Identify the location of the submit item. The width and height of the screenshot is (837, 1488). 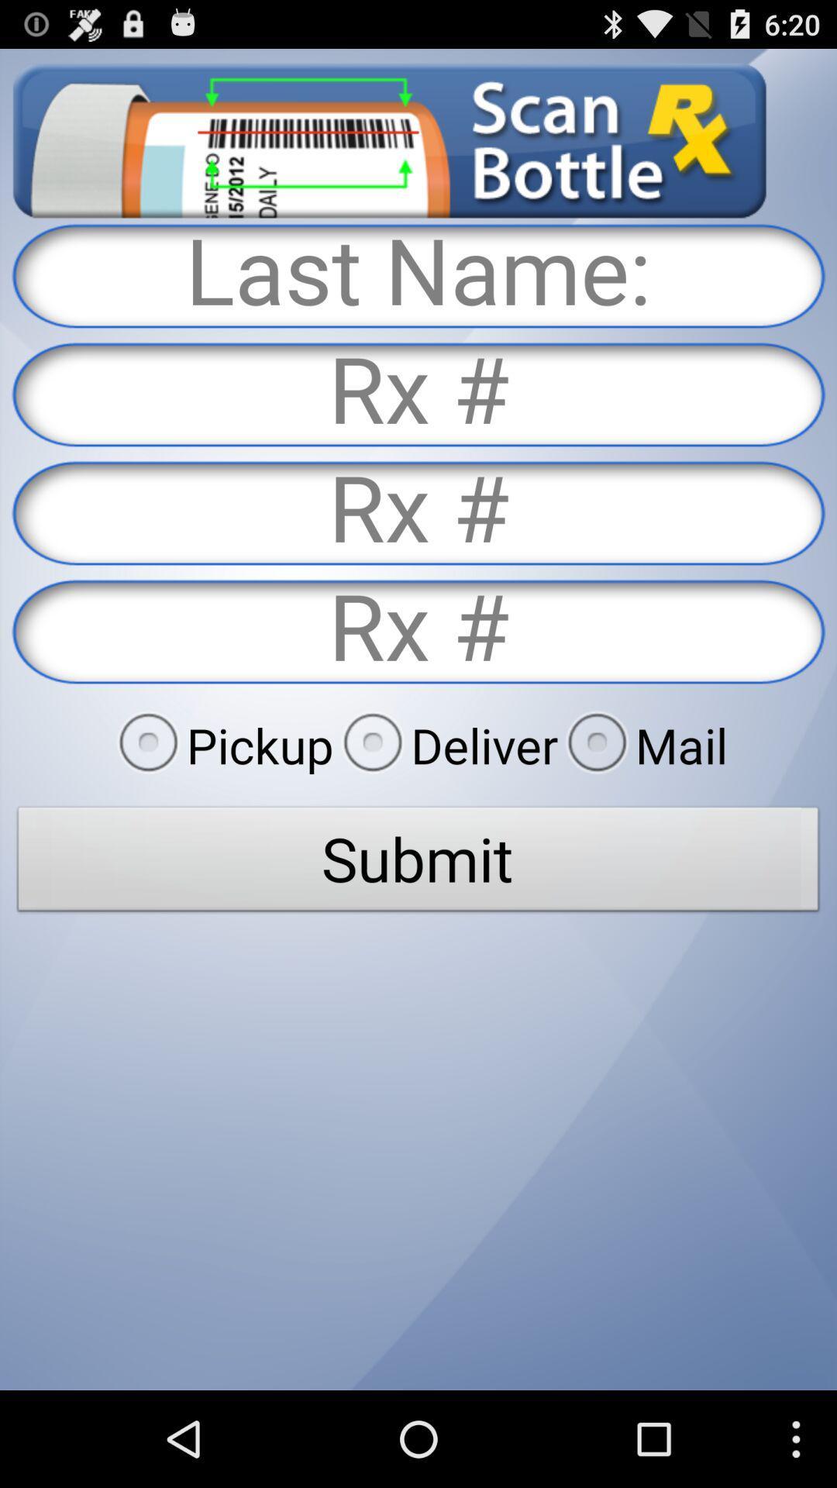
(418, 863).